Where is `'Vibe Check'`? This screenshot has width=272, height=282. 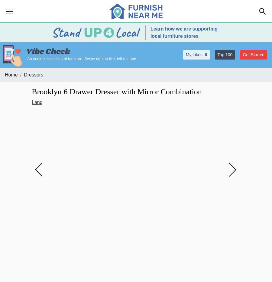
'Vibe Check' is located at coordinates (48, 52).